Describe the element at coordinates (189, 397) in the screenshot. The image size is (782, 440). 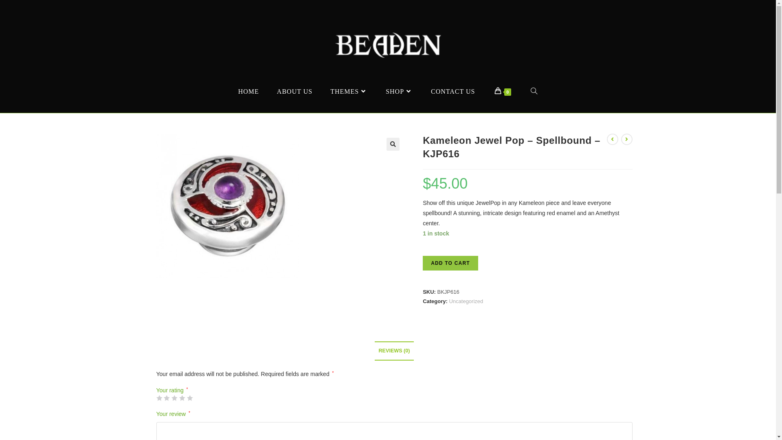
I see `'5'` at that location.